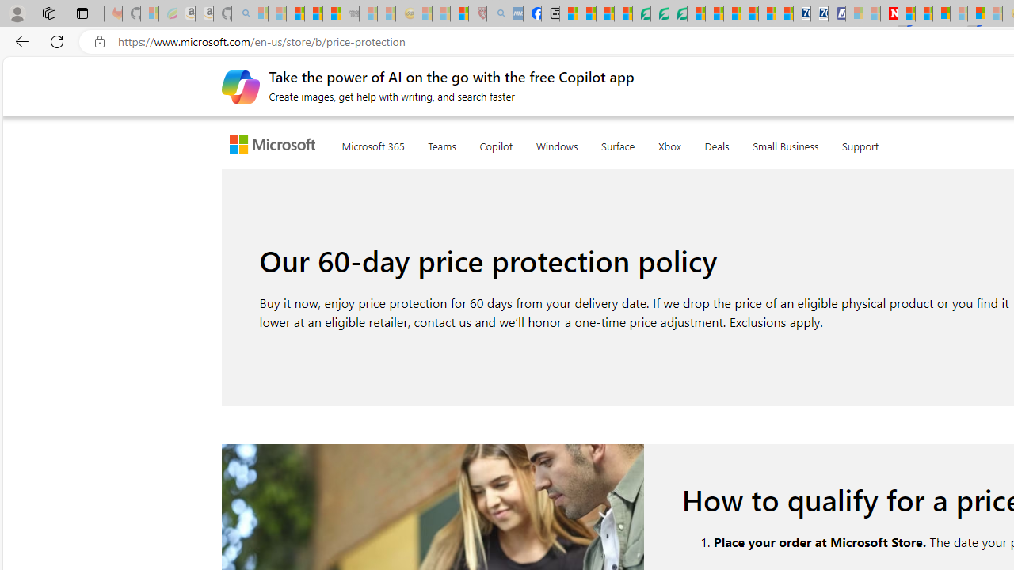 The height and width of the screenshot is (570, 1014). I want to click on 'Microsoft Word - consumer-privacy address update 2.2021', so click(677, 13).